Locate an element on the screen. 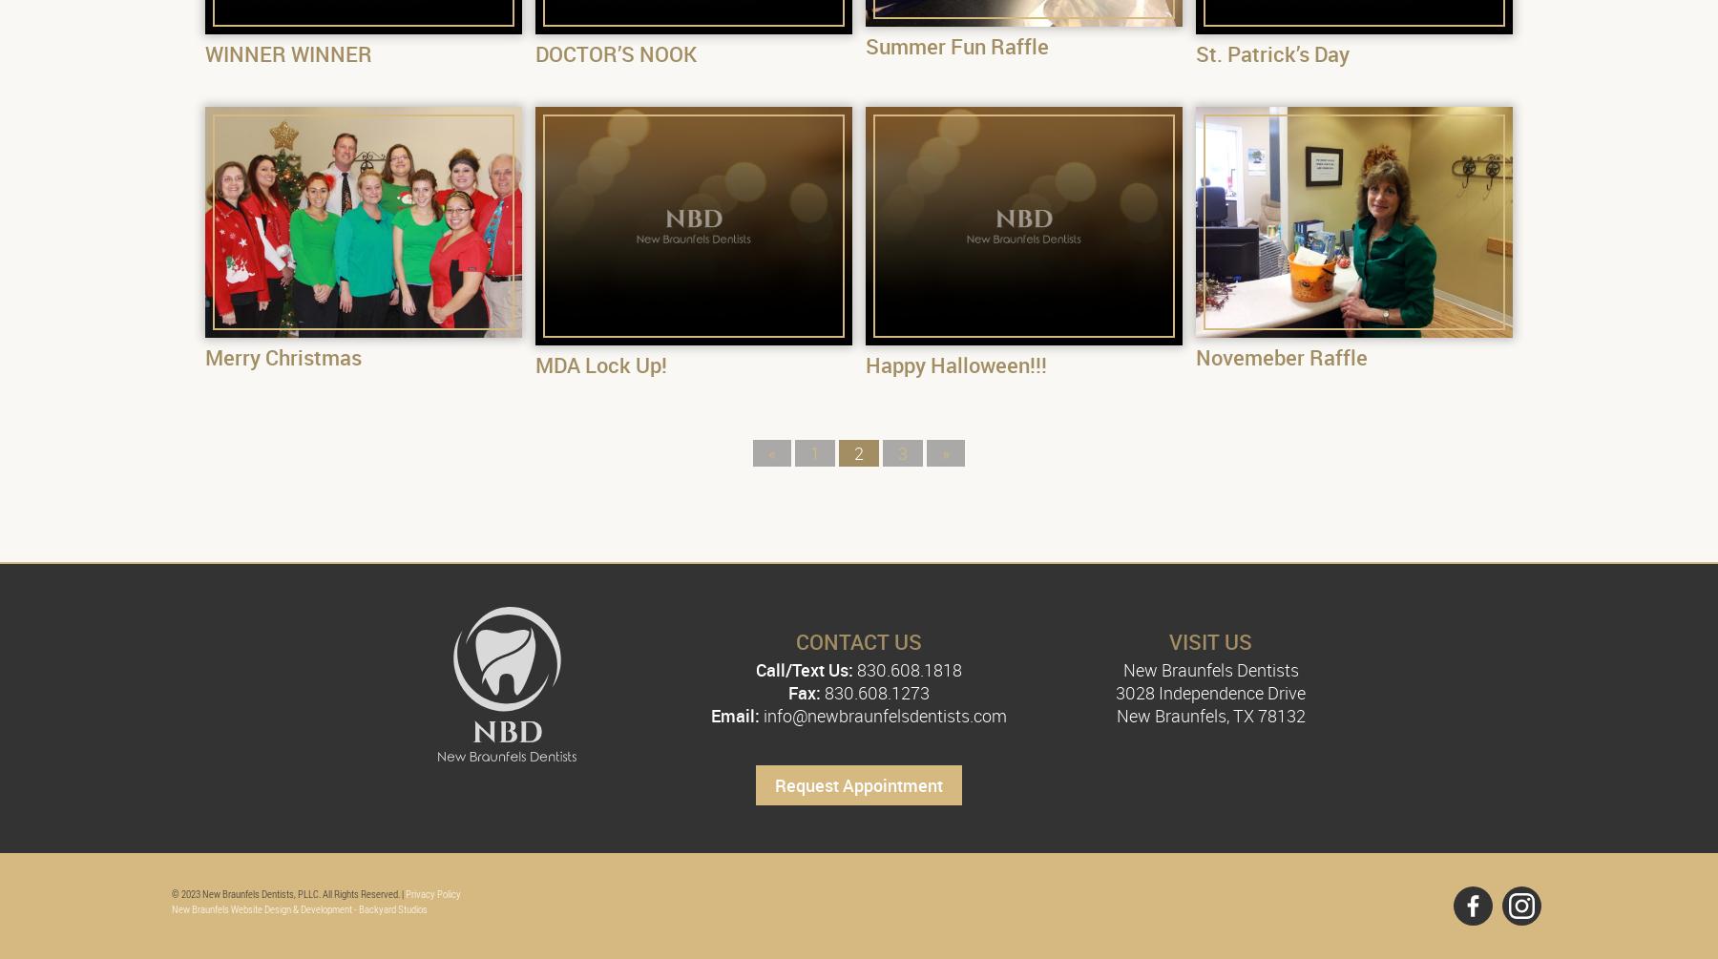 The height and width of the screenshot is (959, 1718). 'Request Appointment' is located at coordinates (774, 784).